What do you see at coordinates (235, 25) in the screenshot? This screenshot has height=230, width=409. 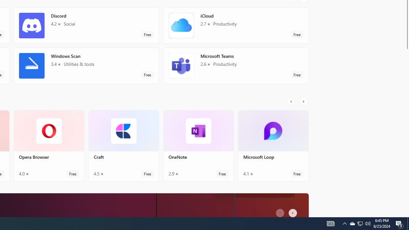 I see `'iCloud. Average rating of 2.7 out of five stars. Free  '` at bounding box center [235, 25].